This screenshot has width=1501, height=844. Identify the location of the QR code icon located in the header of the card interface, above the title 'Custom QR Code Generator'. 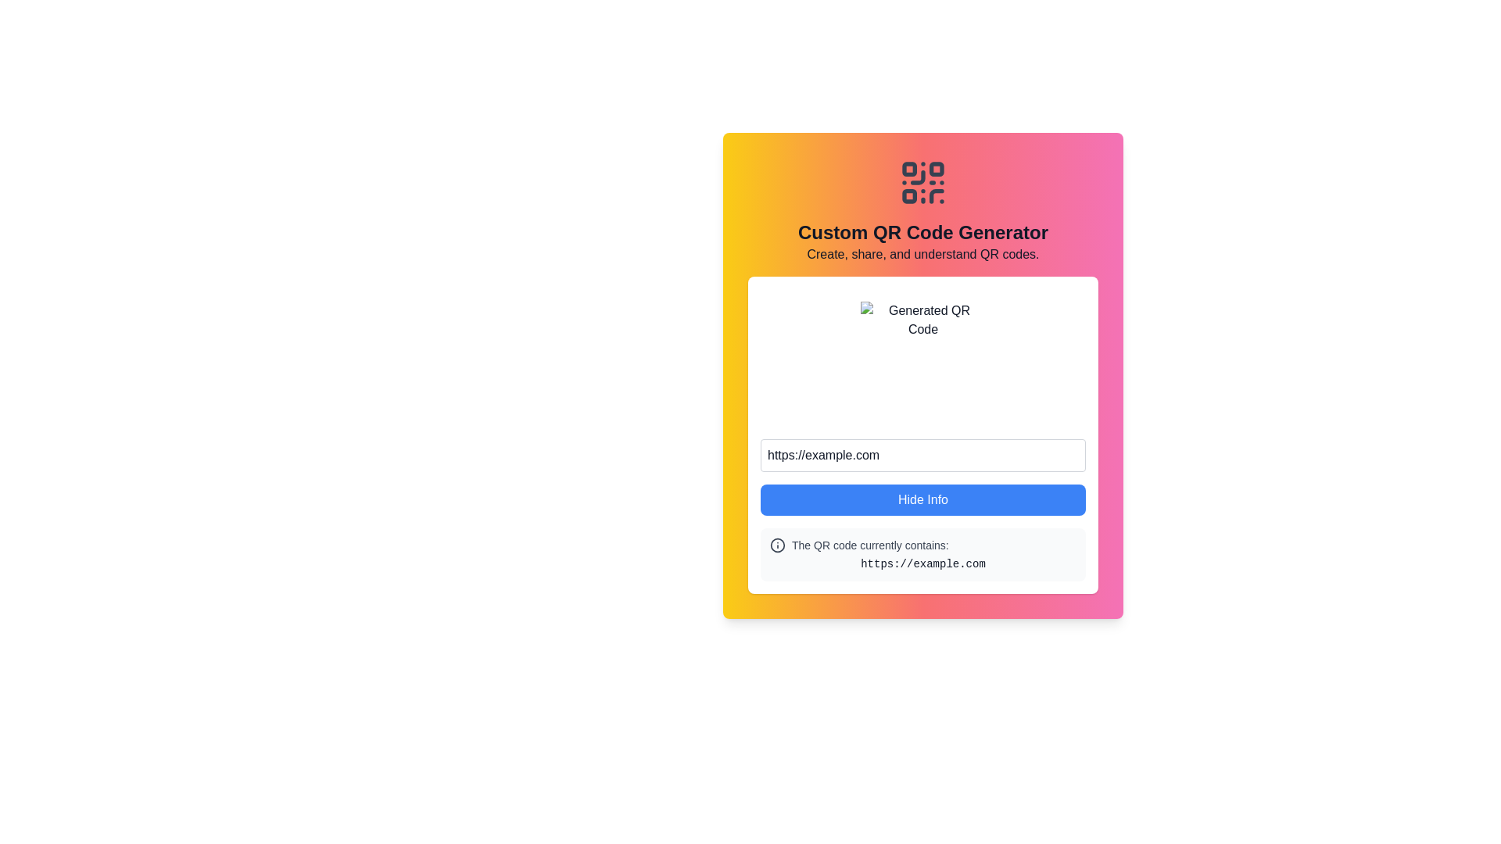
(922, 182).